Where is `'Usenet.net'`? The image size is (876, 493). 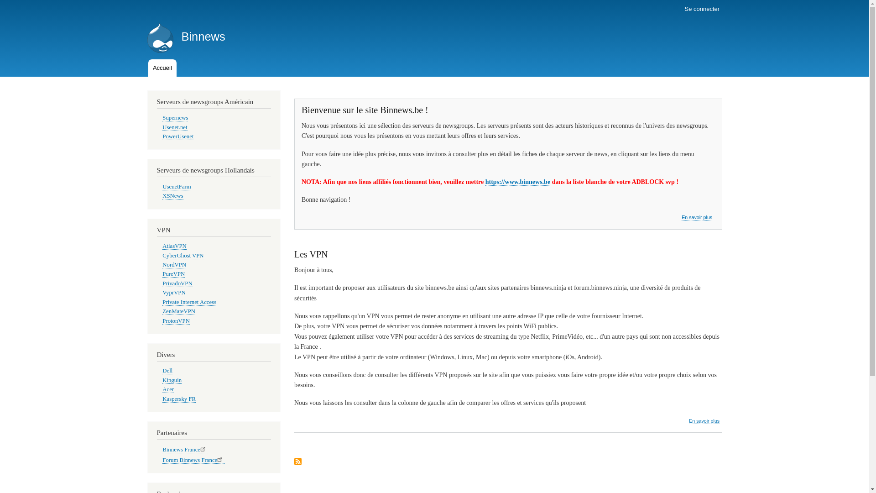
'Usenet.net' is located at coordinates (175, 127).